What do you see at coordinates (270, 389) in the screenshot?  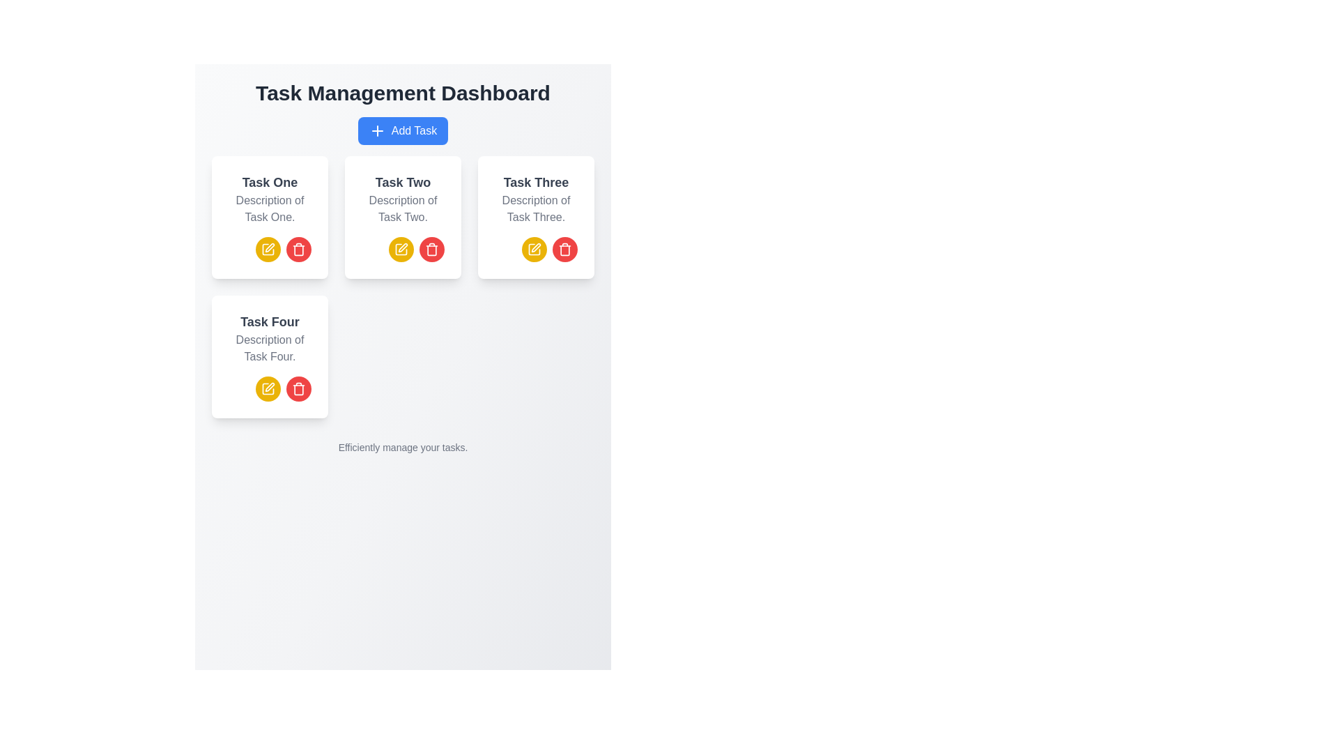 I see `the edit button located within the card labeled 'Task Four' near its bottom-right corner` at bounding box center [270, 389].